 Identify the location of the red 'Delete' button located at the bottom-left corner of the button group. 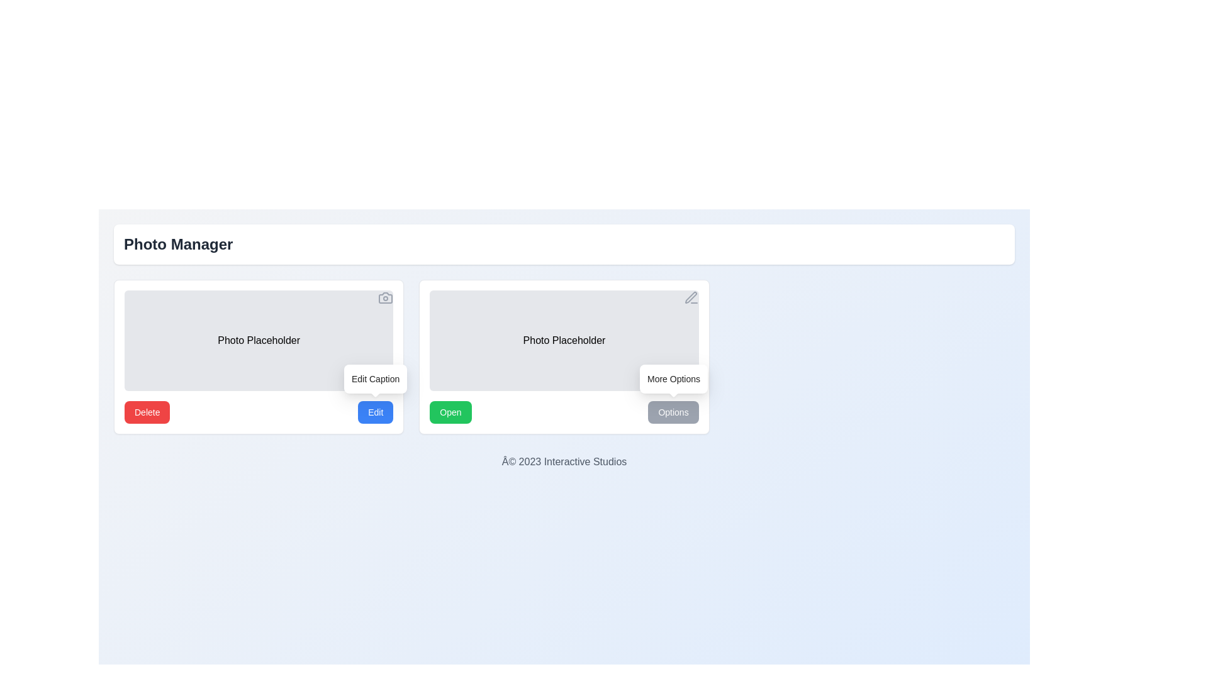
(147, 412).